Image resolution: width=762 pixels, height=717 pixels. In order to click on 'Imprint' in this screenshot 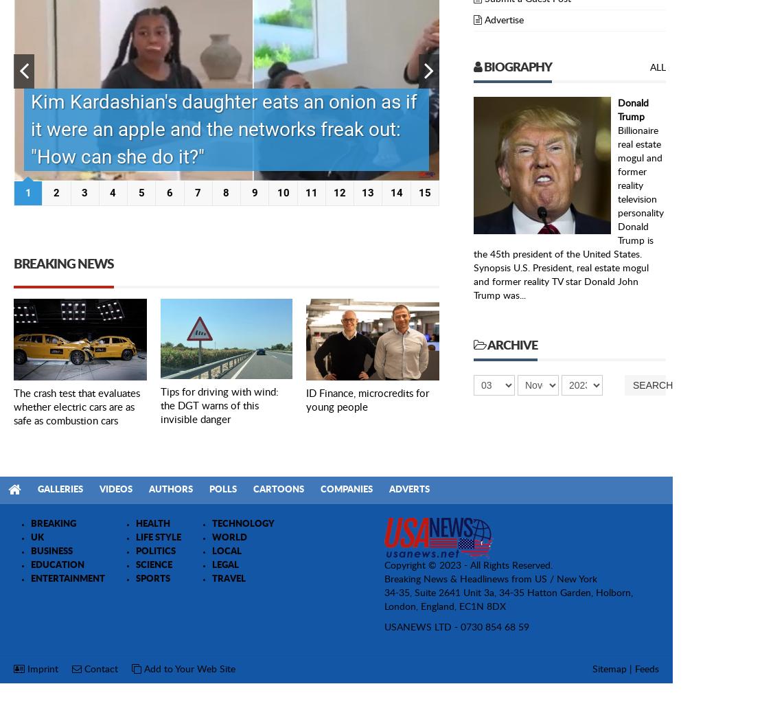, I will do `click(41, 668)`.